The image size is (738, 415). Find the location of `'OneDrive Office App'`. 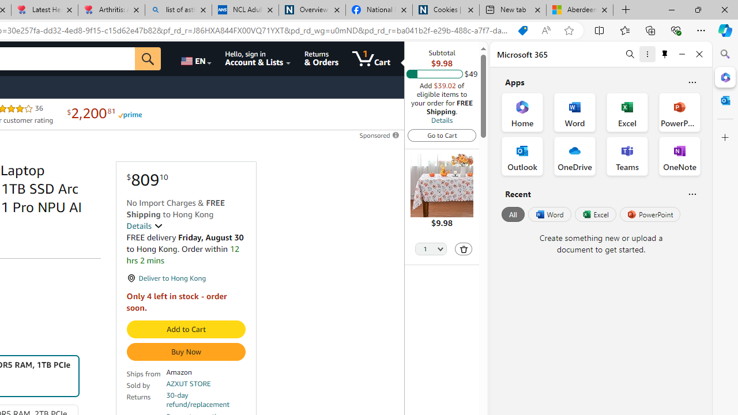

'OneDrive Office App' is located at coordinates (575, 156).